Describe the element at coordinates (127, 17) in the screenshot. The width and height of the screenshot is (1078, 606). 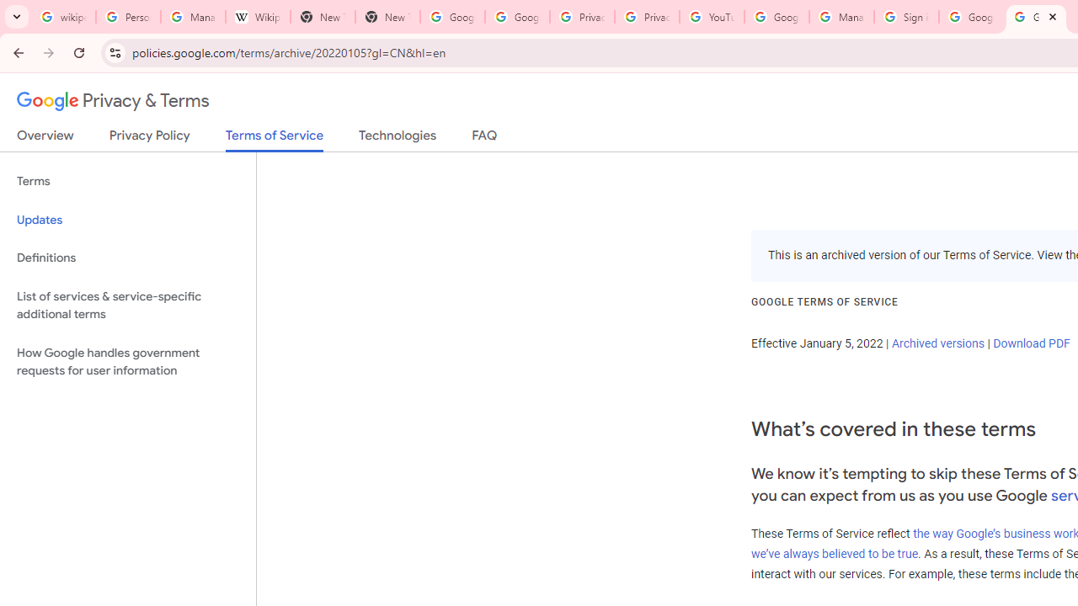
I see `'Personalization & Google Search results - Google Search Help'` at that location.